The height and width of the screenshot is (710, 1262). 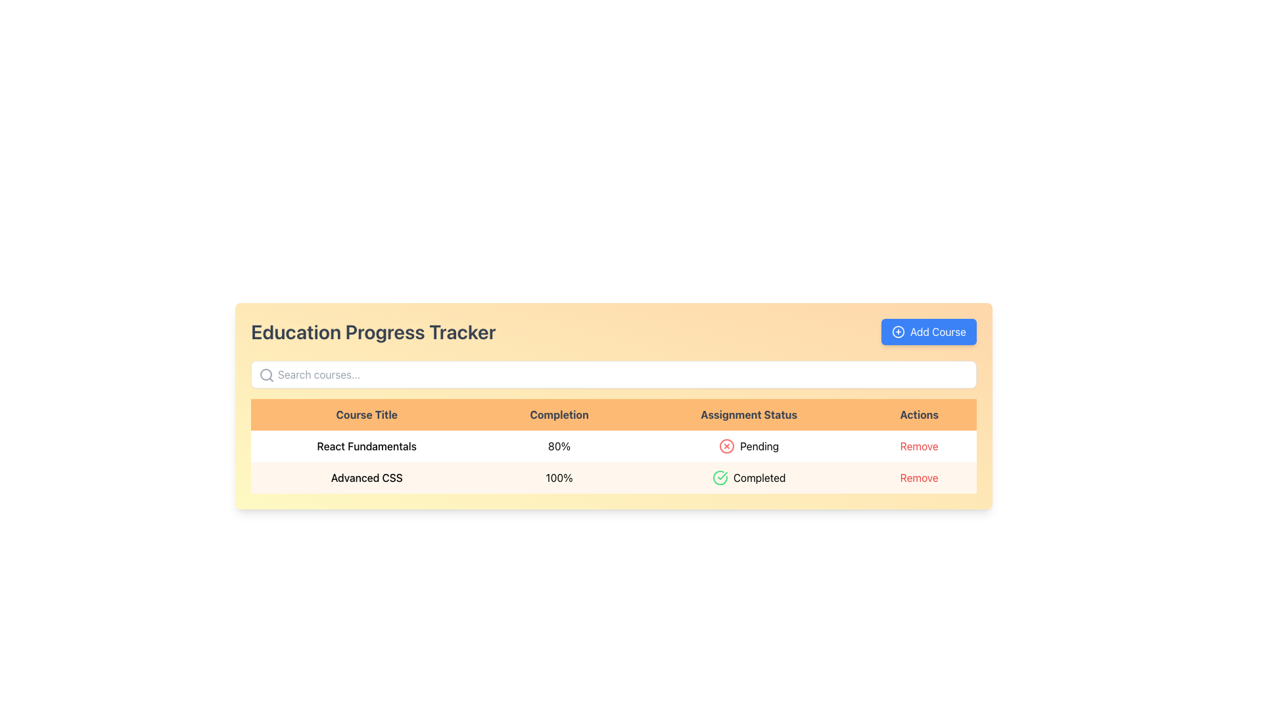 What do you see at coordinates (918, 445) in the screenshot?
I see `the 'Remove' button styled with red text in the 'Actions' column of the 'React Fundamentals' course row` at bounding box center [918, 445].